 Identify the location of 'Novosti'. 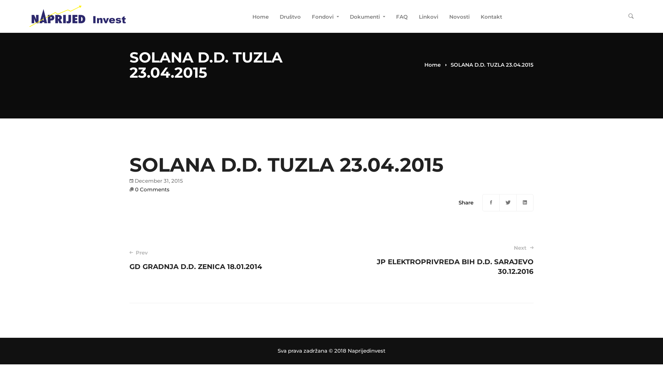
(459, 17).